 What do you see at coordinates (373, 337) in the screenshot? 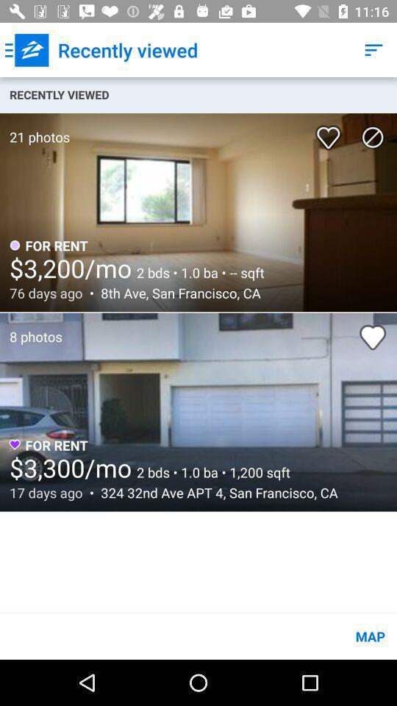
I see `the item on the right` at bounding box center [373, 337].